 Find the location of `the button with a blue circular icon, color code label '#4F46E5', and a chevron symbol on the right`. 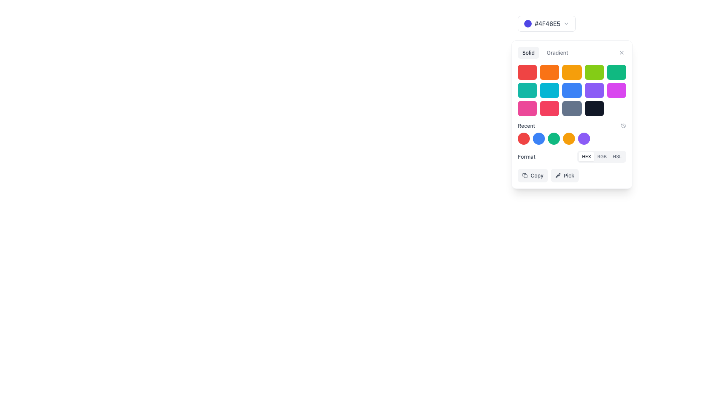

the button with a blue circular icon, color code label '#4F46E5', and a chevron symbol on the right is located at coordinates (547, 23).